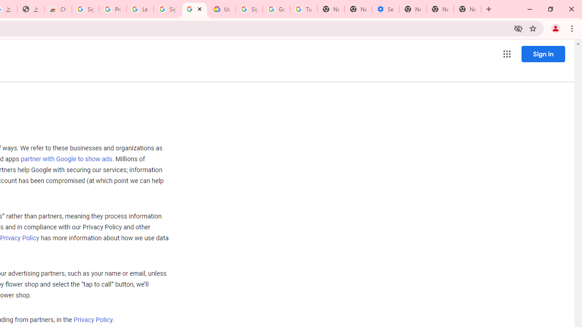 This screenshot has width=582, height=327. What do you see at coordinates (65, 159) in the screenshot?
I see `'partner with Google to show ads'` at bounding box center [65, 159].